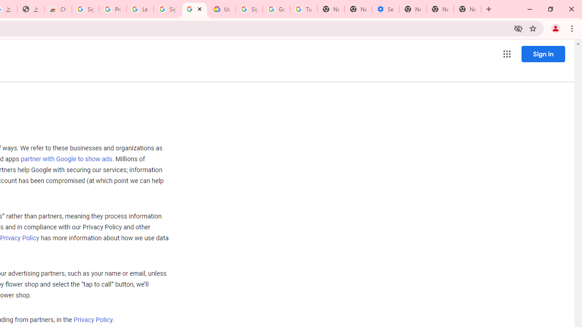 This screenshot has width=582, height=327. What do you see at coordinates (65, 159) in the screenshot?
I see `'partner with Google to show ads'` at bounding box center [65, 159].